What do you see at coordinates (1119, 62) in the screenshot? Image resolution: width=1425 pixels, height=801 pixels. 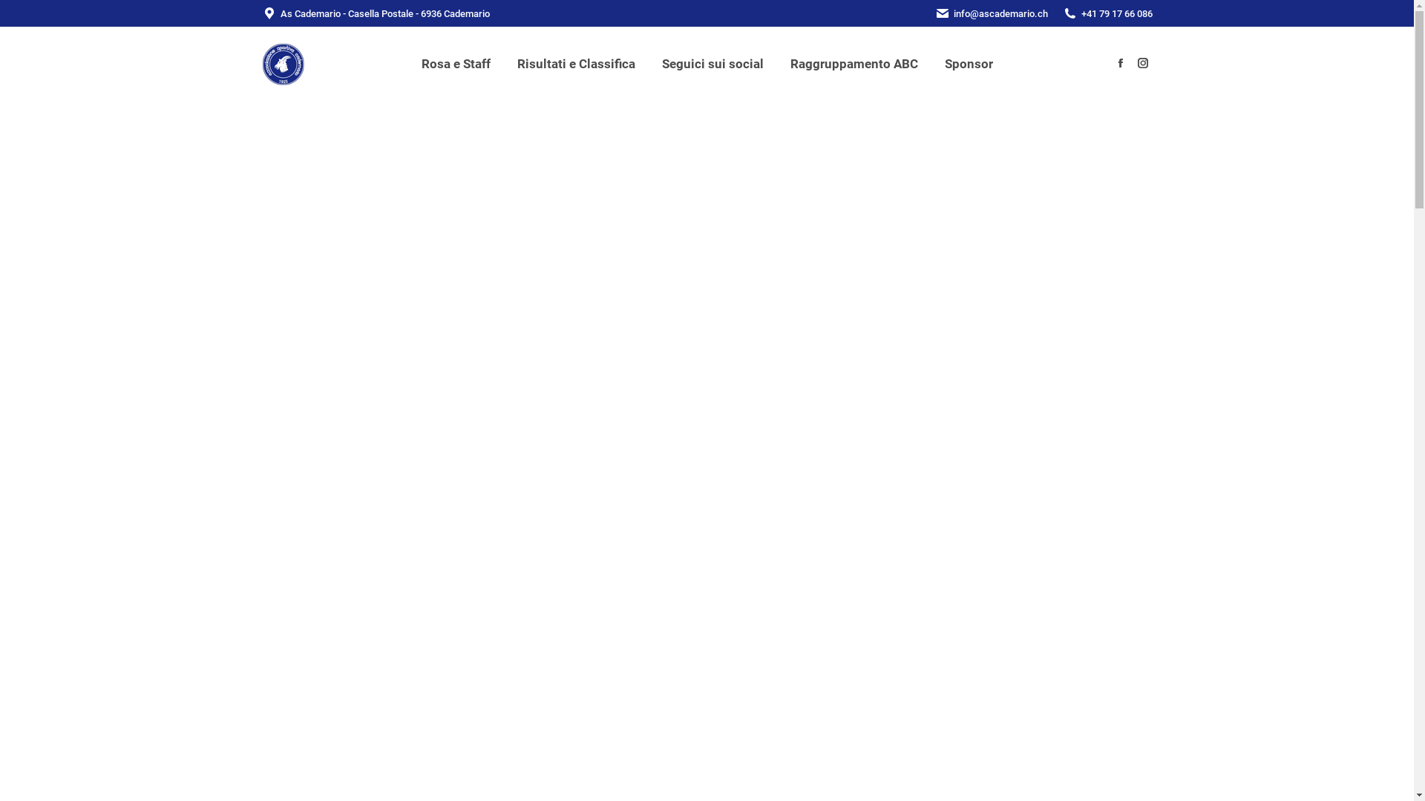 I see `'Facebook page opens in new window'` at bounding box center [1119, 62].